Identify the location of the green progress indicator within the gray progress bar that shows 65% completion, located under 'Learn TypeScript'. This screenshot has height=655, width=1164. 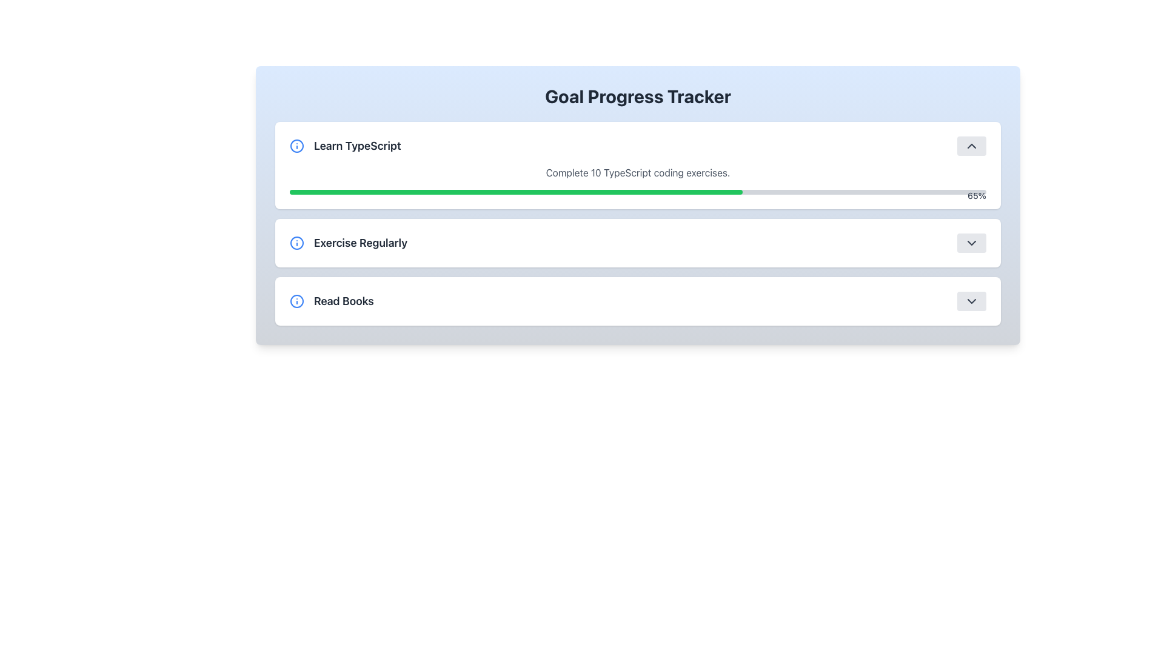
(516, 191).